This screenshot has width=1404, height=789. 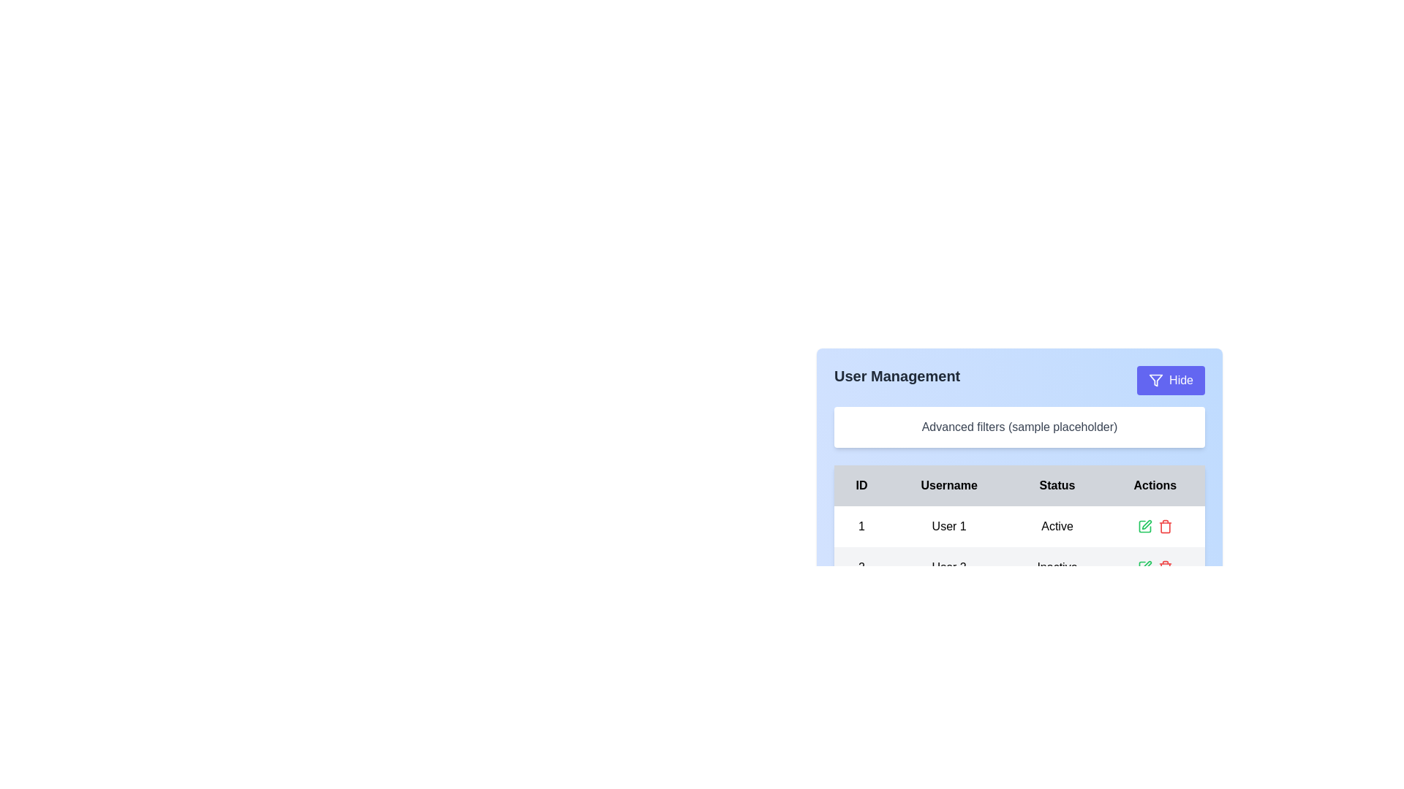 I want to click on the green edit icon located in the 'Actions' column of the first row in the User Management table, so click(x=1144, y=527).